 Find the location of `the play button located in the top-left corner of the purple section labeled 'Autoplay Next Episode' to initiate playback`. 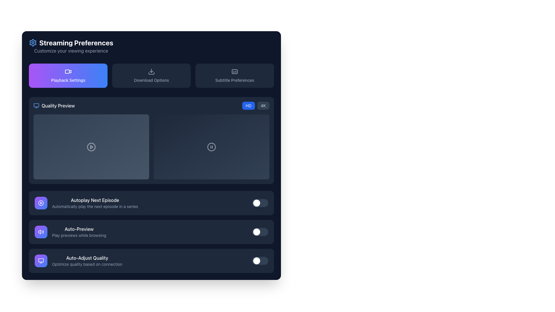

the play button located in the top-left corner of the purple section labeled 'Autoplay Next Episode' to initiate playback is located at coordinates (41, 203).